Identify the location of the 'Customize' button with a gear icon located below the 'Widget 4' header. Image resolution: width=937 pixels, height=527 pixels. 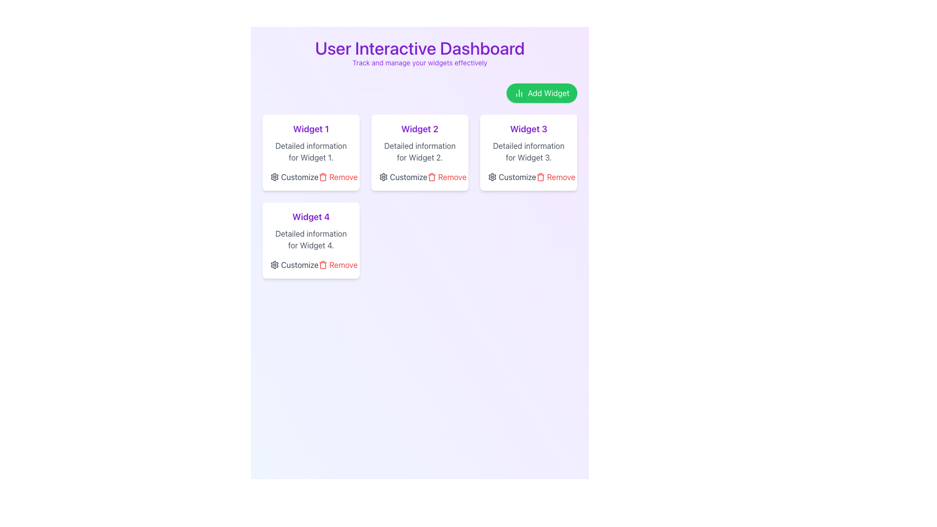
(294, 265).